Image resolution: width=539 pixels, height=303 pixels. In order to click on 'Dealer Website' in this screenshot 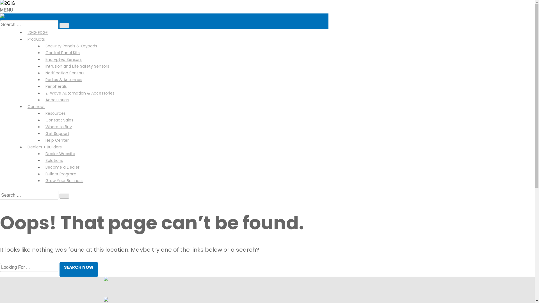, I will do `click(42, 153)`.